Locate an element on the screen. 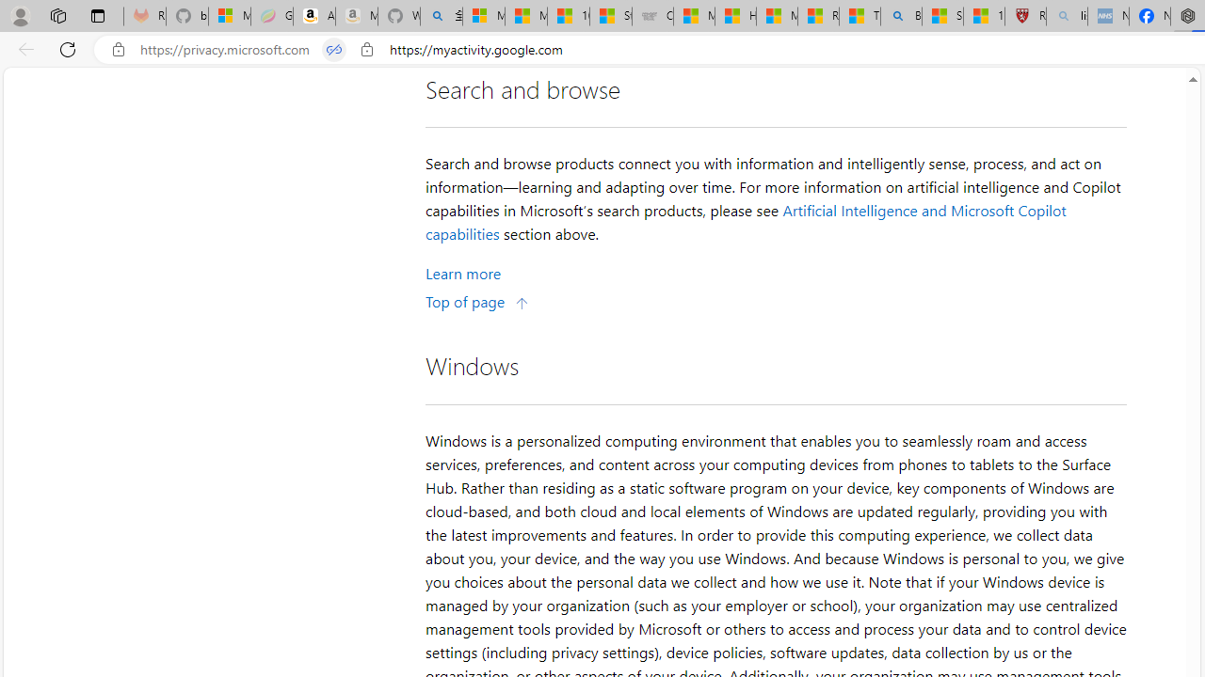  'Combat Siege' is located at coordinates (652, 16).